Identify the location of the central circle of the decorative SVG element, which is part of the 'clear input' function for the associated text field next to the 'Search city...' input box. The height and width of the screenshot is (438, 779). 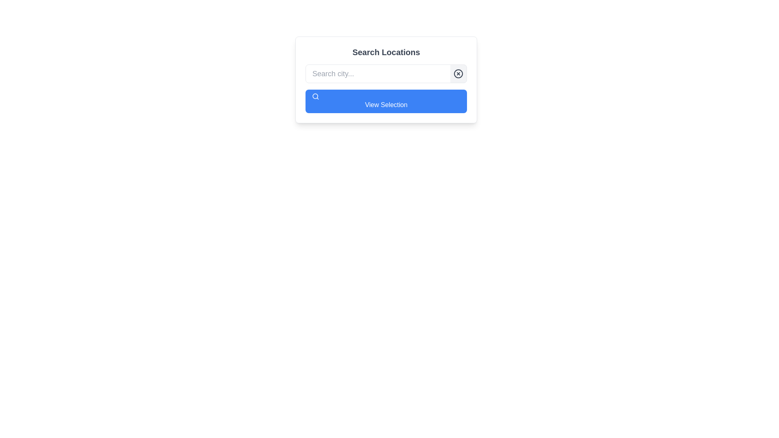
(458, 73).